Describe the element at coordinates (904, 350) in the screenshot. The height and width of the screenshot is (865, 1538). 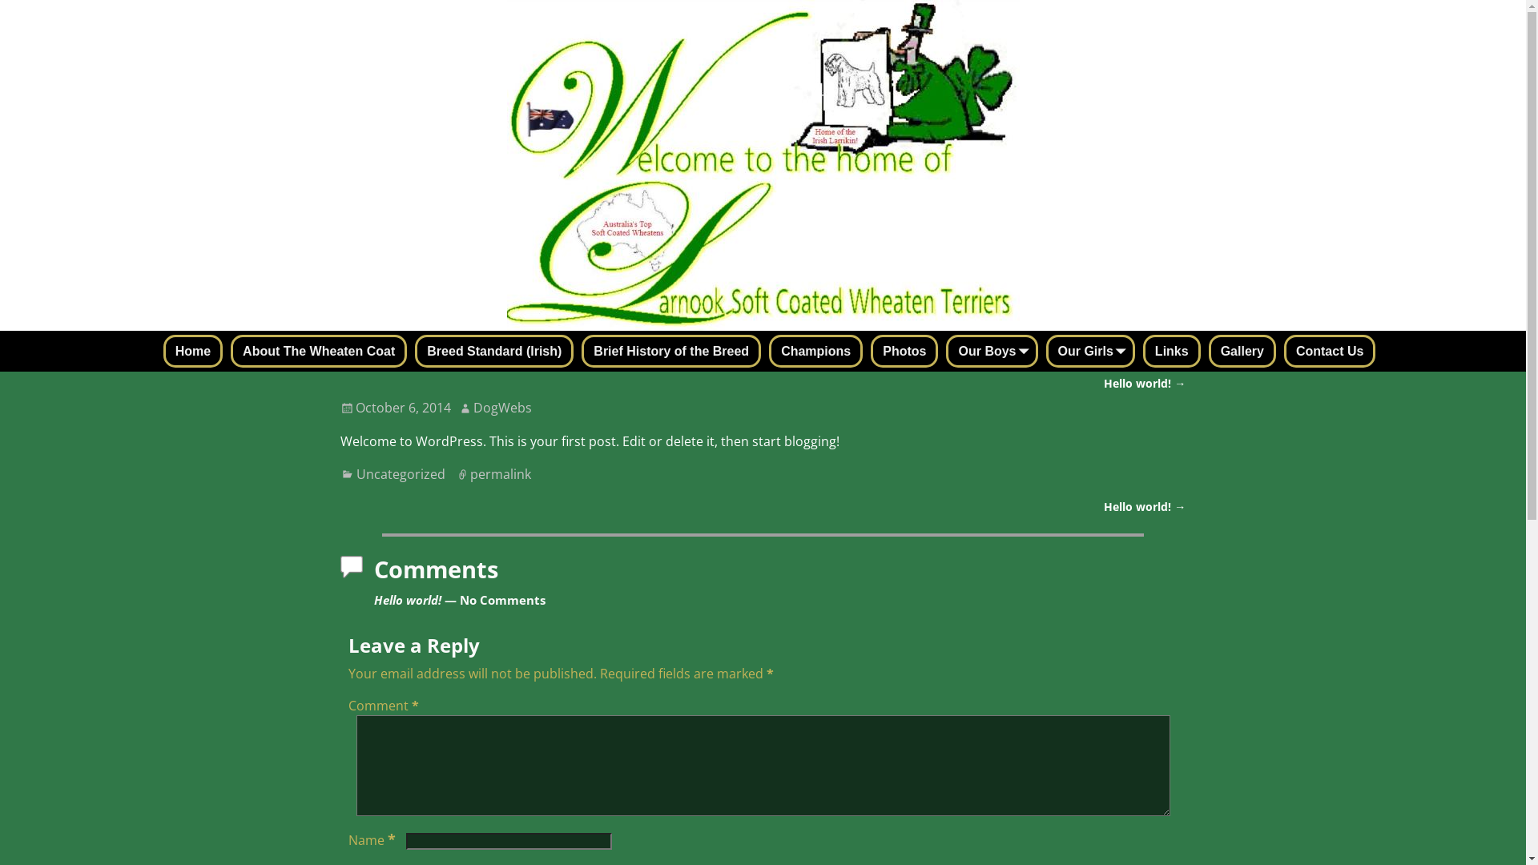
I see `'Photos'` at that location.